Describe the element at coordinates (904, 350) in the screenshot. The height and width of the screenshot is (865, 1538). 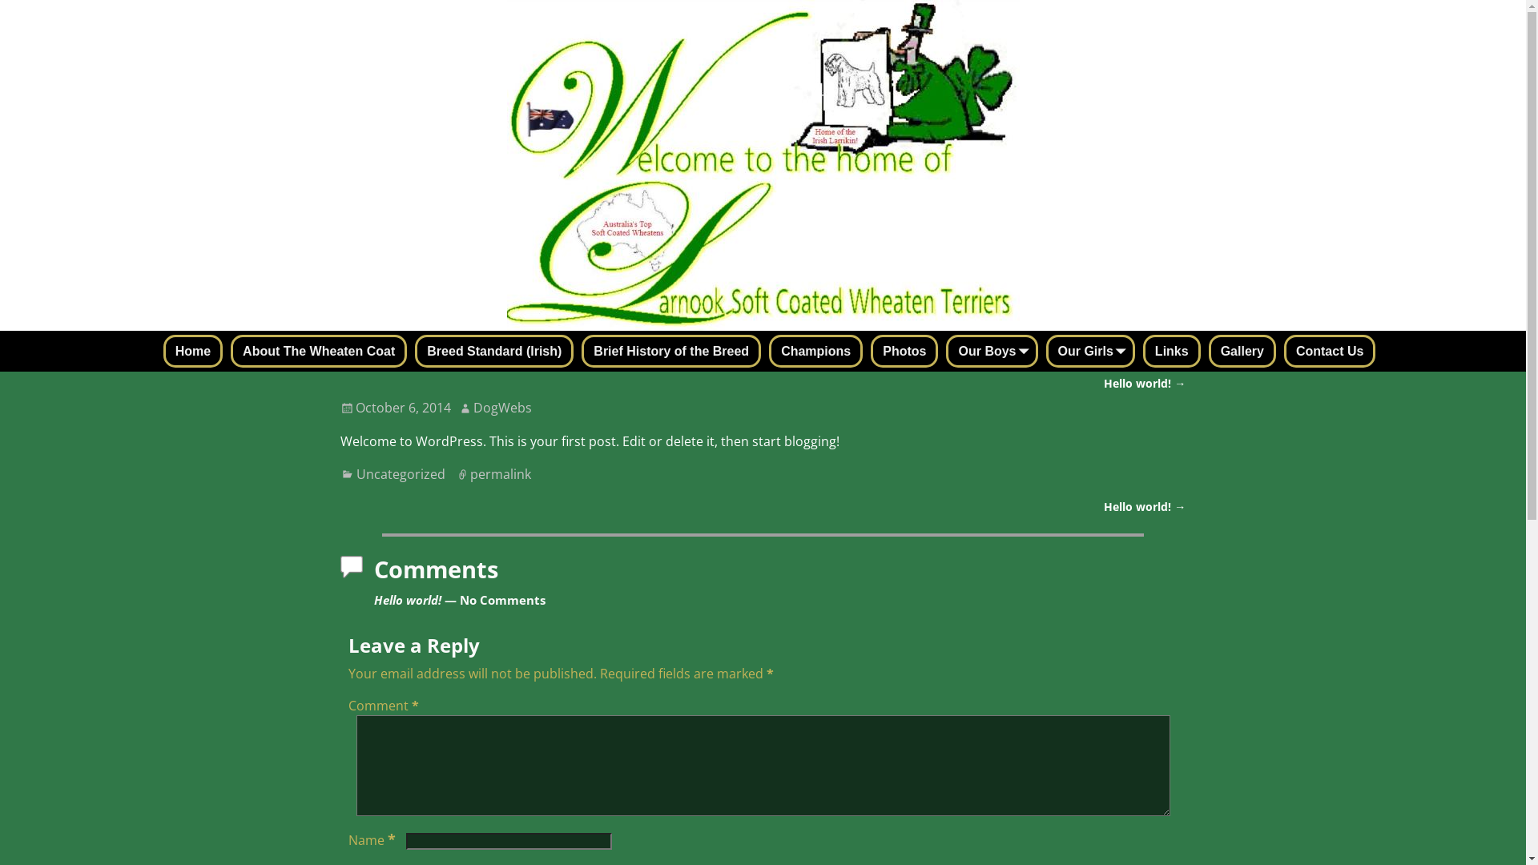
I see `'Photos'` at that location.